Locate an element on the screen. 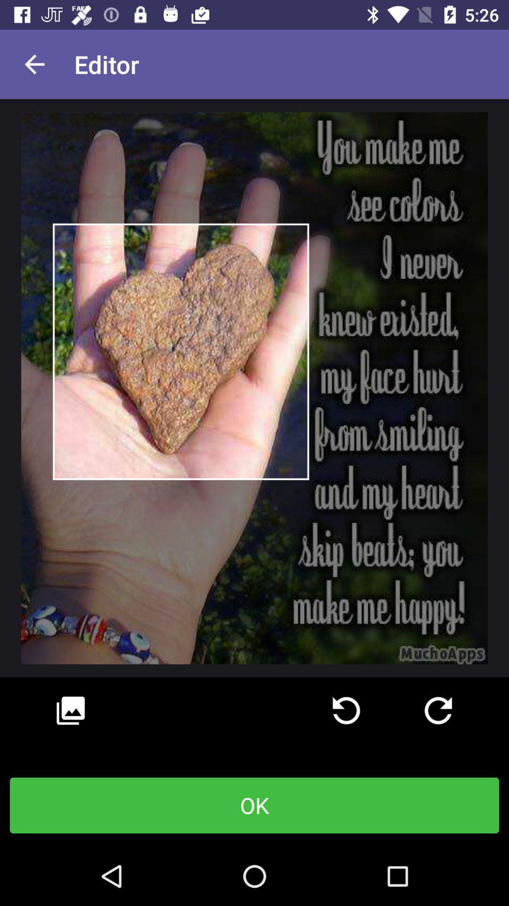 The height and width of the screenshot is (906, 509). the refresh icon is located at coordinates (346, 711).